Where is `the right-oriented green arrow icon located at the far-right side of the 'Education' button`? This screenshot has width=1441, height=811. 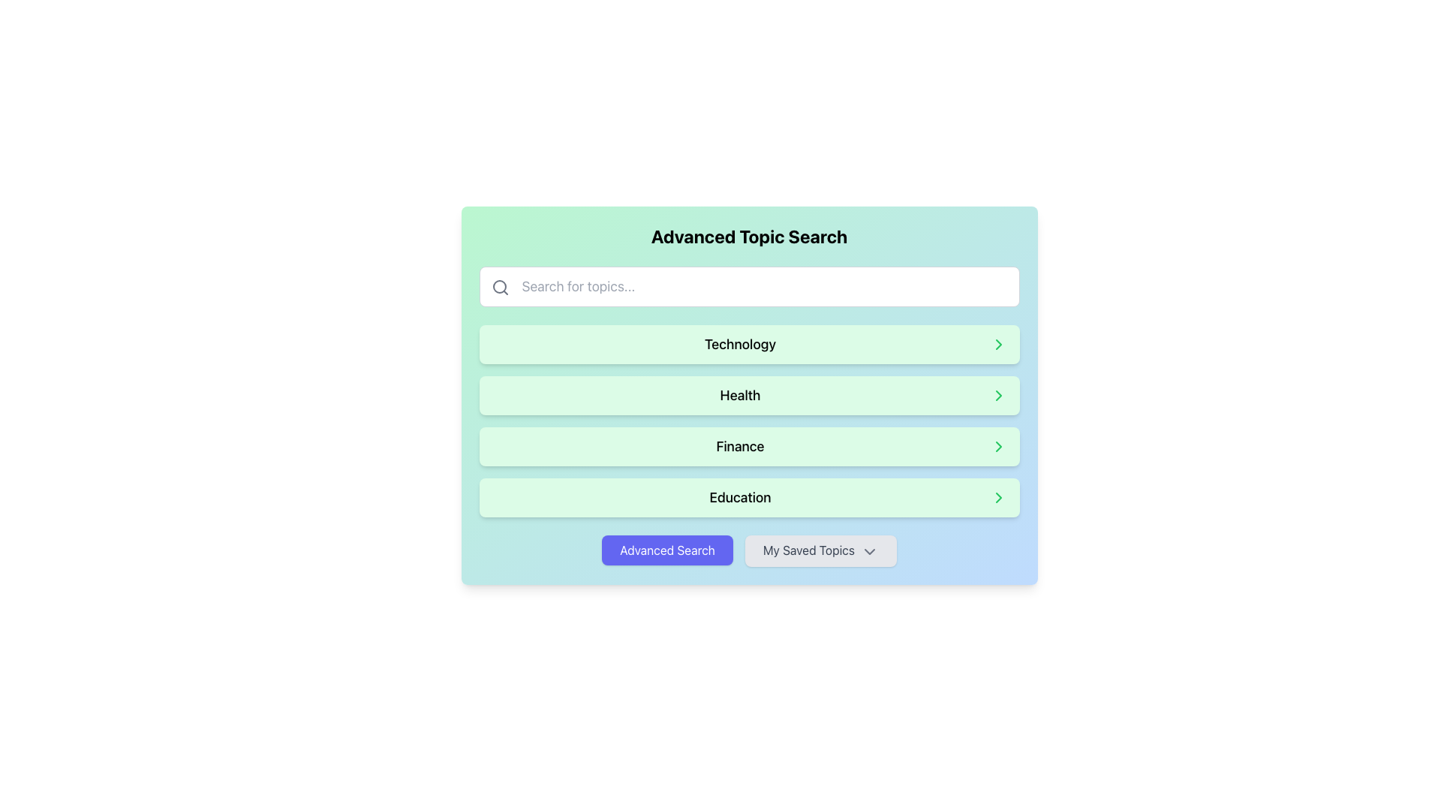
the right-oriented green arrow icon located at the far-right side of the 'Education' button is located at coordinates (998, 498).